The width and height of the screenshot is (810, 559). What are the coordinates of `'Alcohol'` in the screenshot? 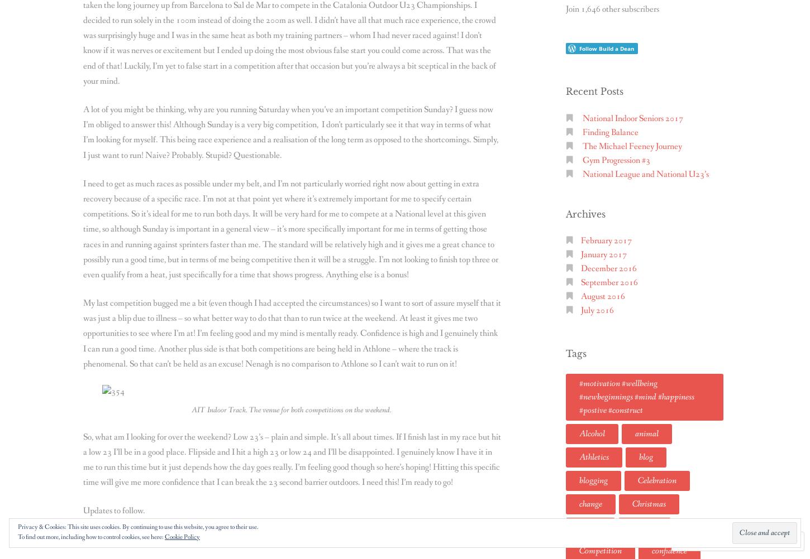 It's located at (579, 432).